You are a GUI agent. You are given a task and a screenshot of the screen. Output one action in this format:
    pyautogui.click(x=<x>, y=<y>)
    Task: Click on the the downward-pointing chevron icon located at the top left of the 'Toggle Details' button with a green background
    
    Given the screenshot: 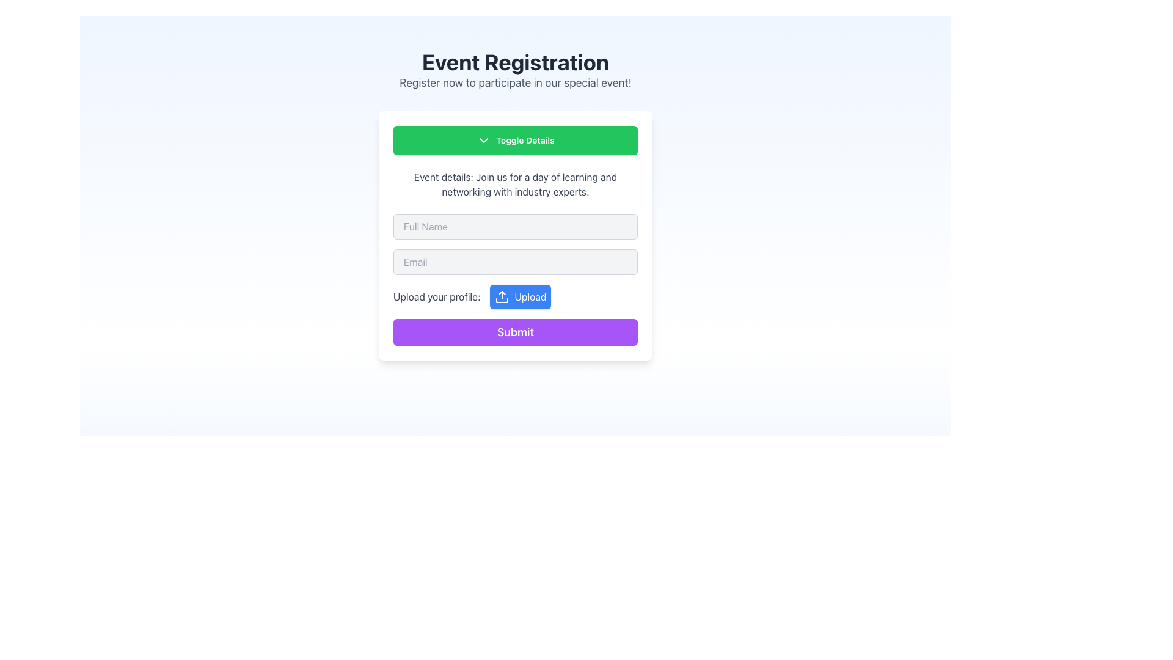 What is the action you would take?
    pyautogui.click(x=483, y=140)
    